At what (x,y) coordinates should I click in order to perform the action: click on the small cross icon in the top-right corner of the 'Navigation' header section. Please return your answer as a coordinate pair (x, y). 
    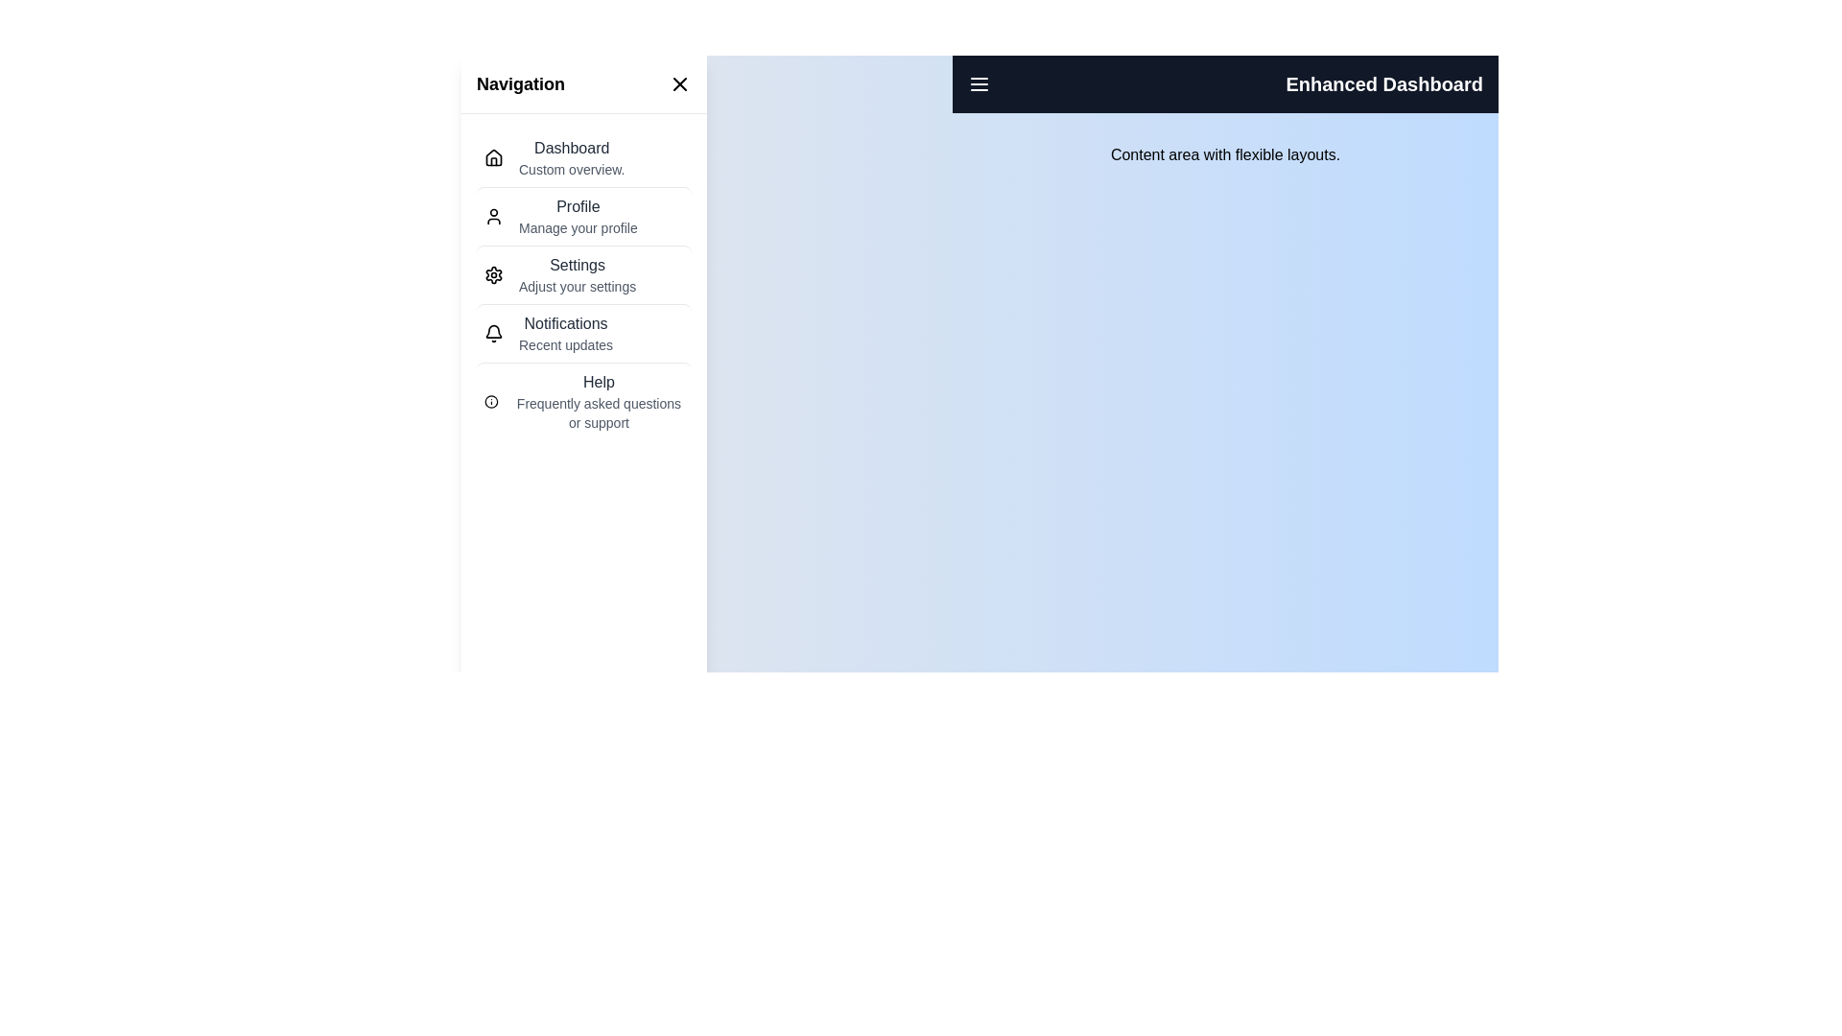
    Looking at the image, I should click on (680, 83).